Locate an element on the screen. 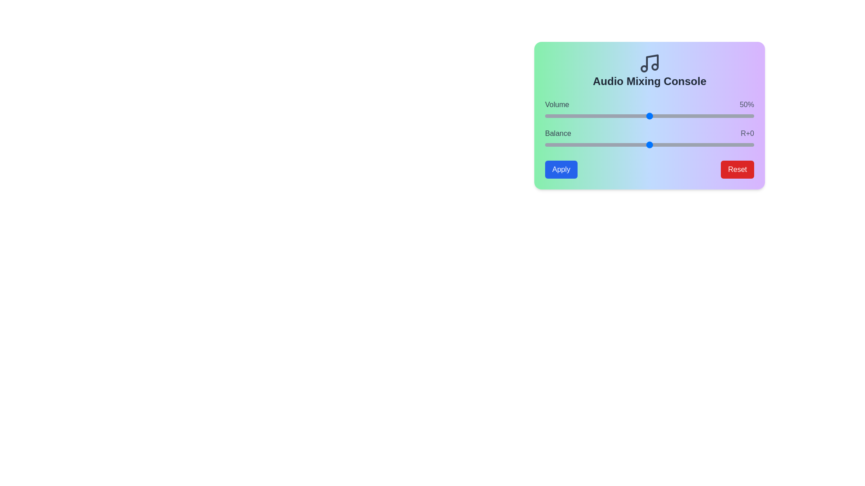 The width and height of the screenshot is (865, 486). the upper part of the musical note icon located at the top-center of the 'Audio Mixing Console' panel, which serves a decorative purpose in audio mixing is located at coordinates (652, 62).